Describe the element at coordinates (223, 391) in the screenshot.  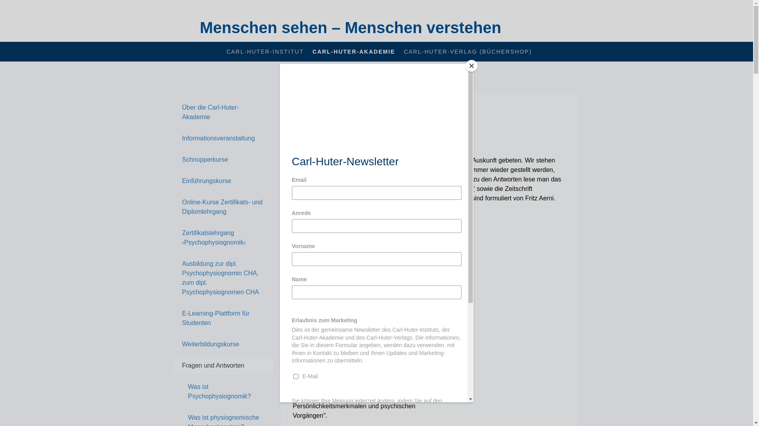
I see `'Was ist Psychophysiognomik?'` at that location.